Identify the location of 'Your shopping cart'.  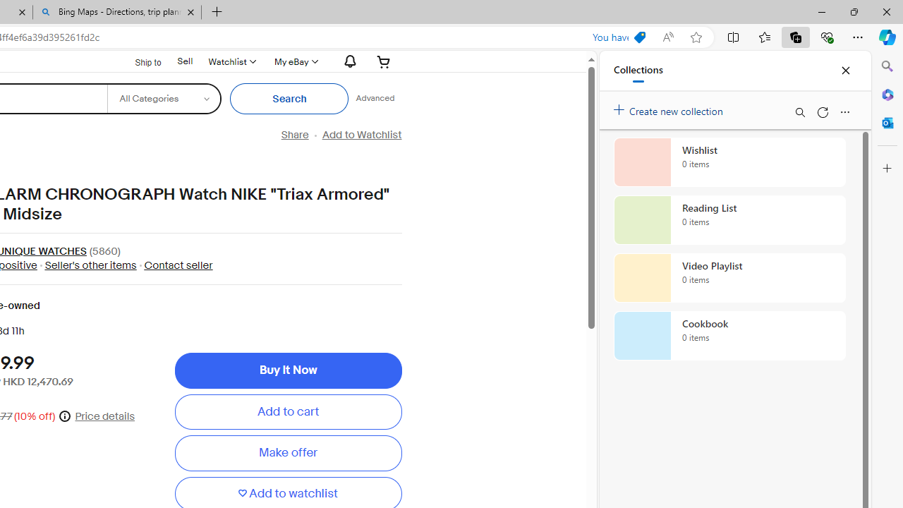
(384, 61).